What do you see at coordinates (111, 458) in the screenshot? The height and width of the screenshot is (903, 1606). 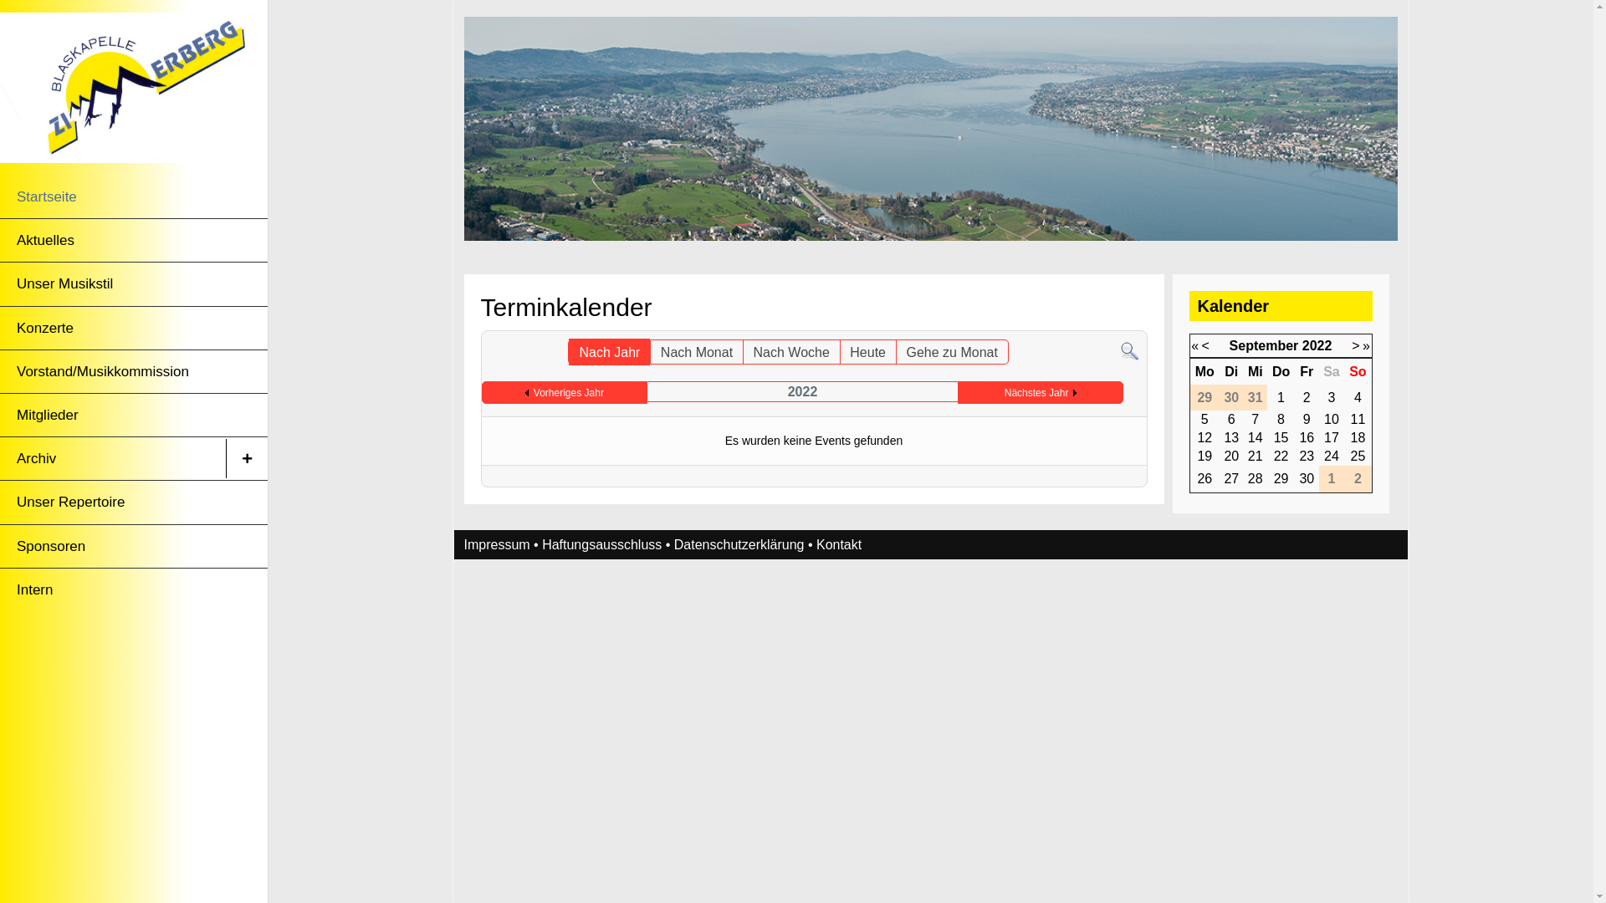 I see `'Archiv'` at bounding box center [111, 458].